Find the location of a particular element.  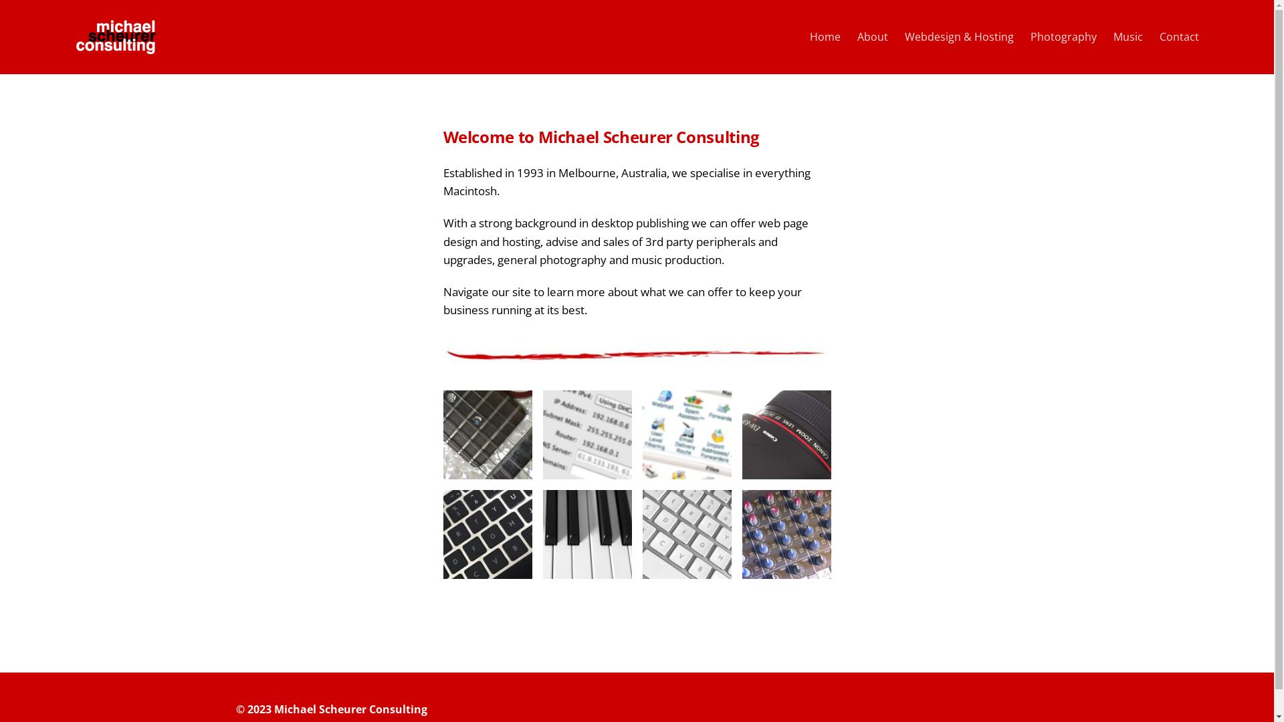

'Webdesign & Hosting' is located at coordinates (958, 36).